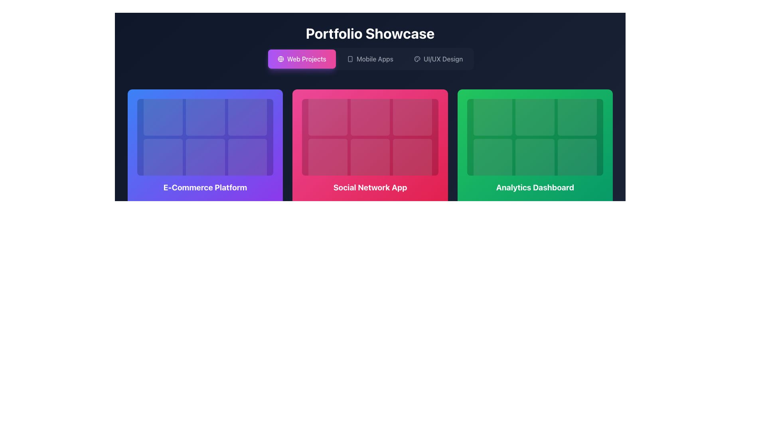  Describe the element at coordinates (535, 155) in the screenshot. I see `the clickable card for navigation that directs to the Analytics Dashboard, located at the rightmost side of the row of three cards` at that location.